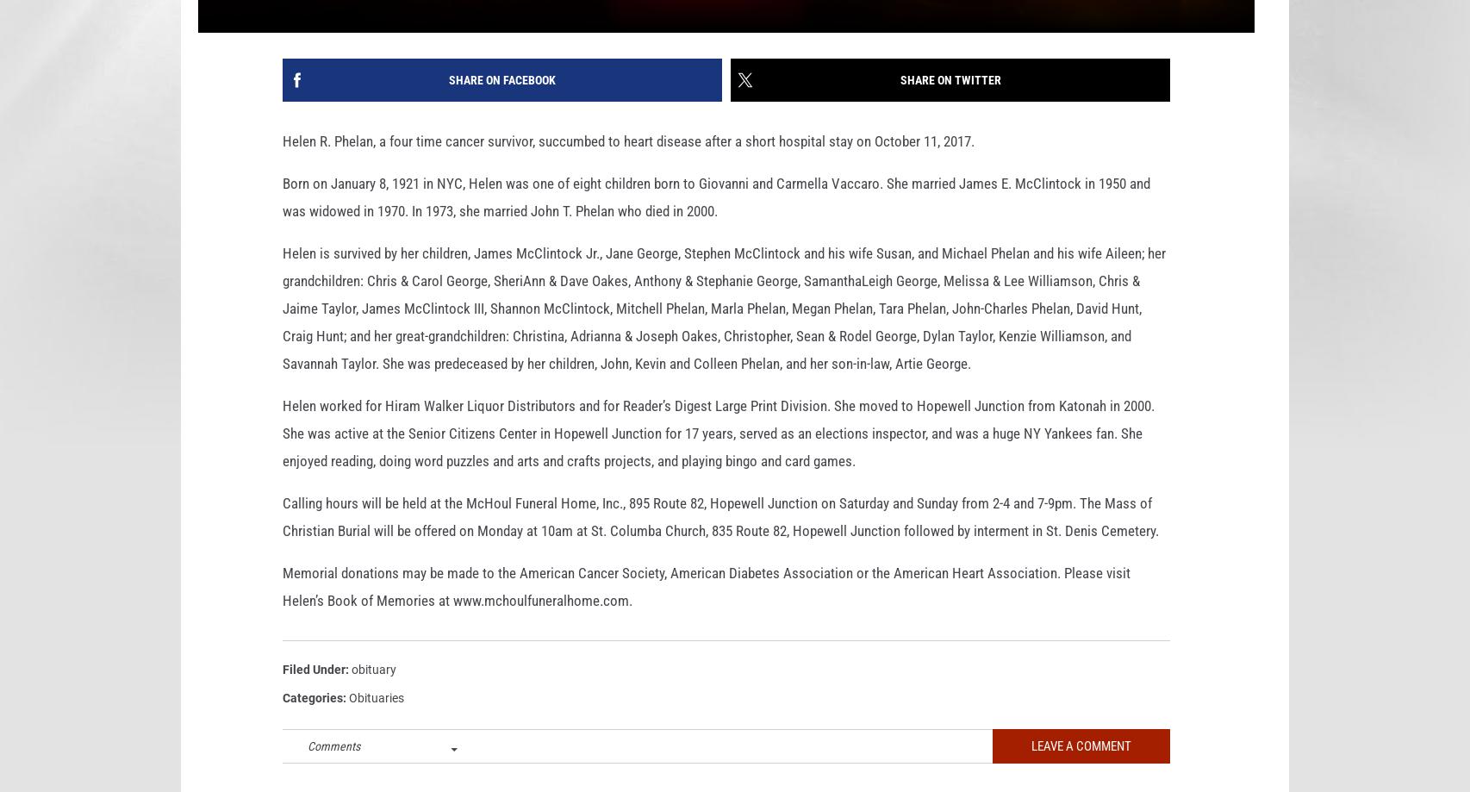  What do you see at coordinates (1081, 772) in the screenshot?
I see `'Leave A Comment'` at bounding box center [1081, 772].